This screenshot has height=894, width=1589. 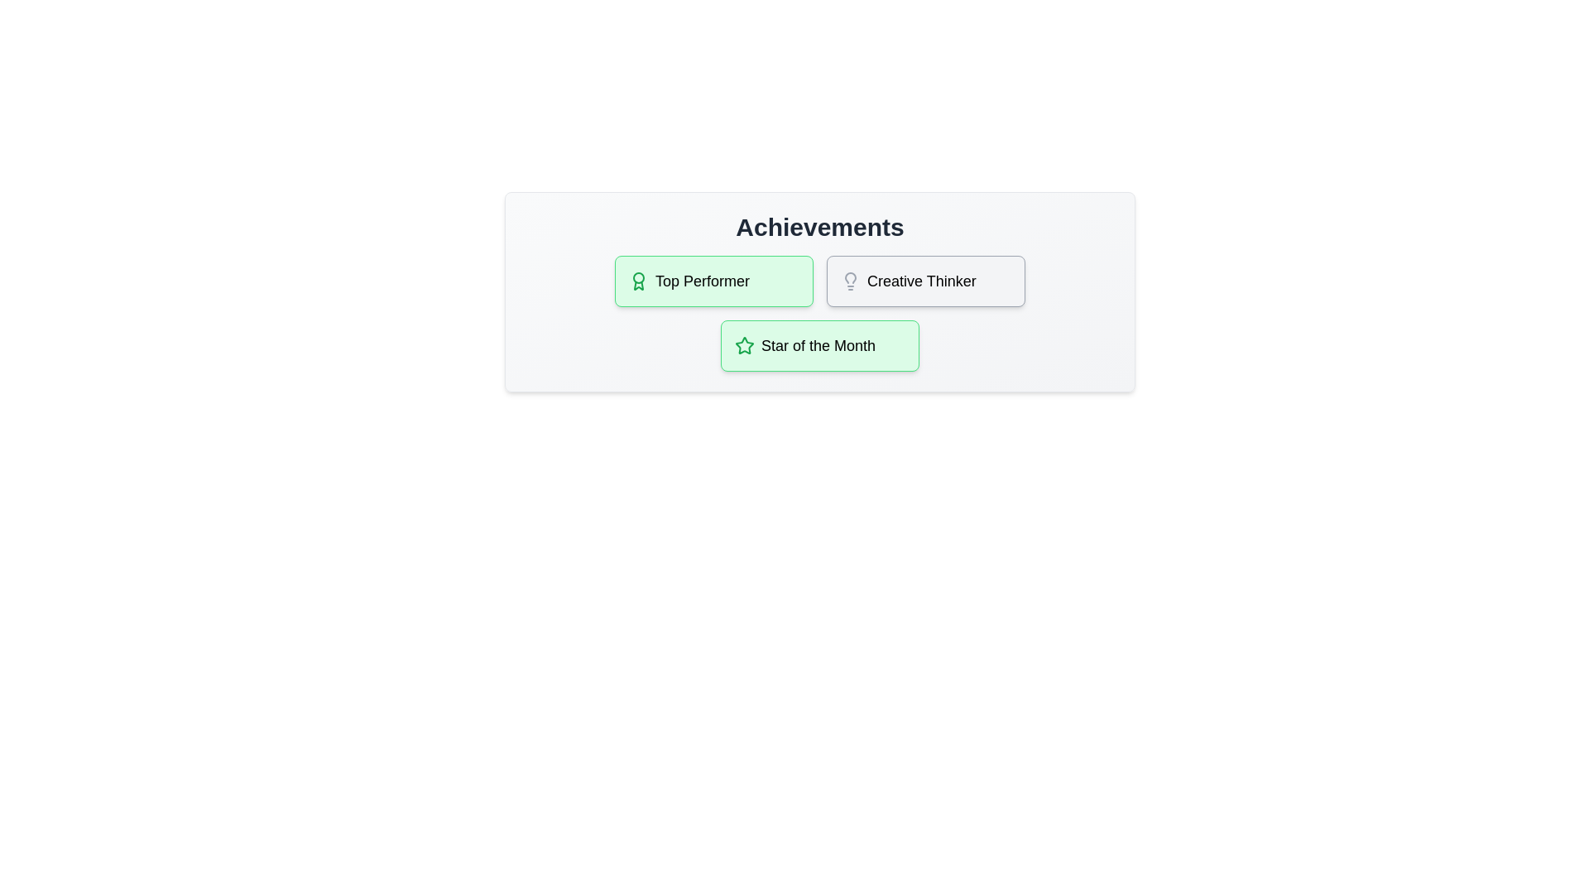 I want to click on the achievement Top Performer to display its tooltip or effect, so click(x=714, y=280).